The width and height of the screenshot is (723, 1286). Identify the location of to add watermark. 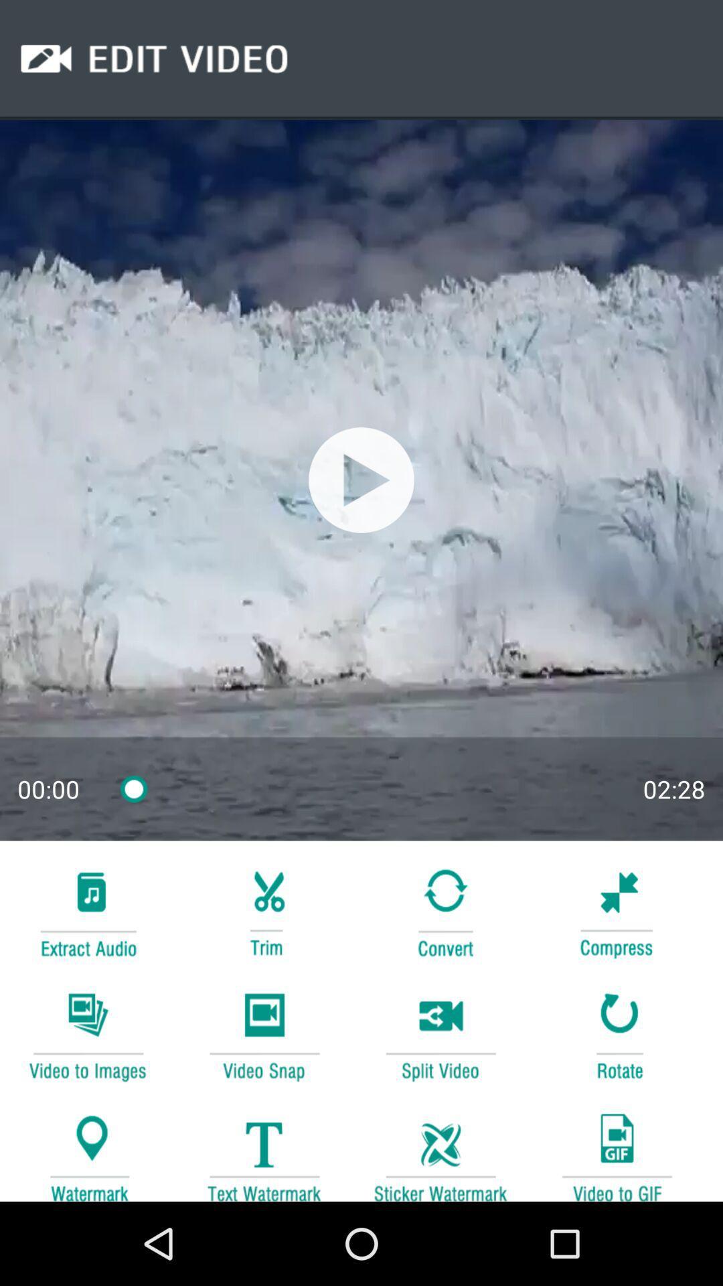
(88, 1150).